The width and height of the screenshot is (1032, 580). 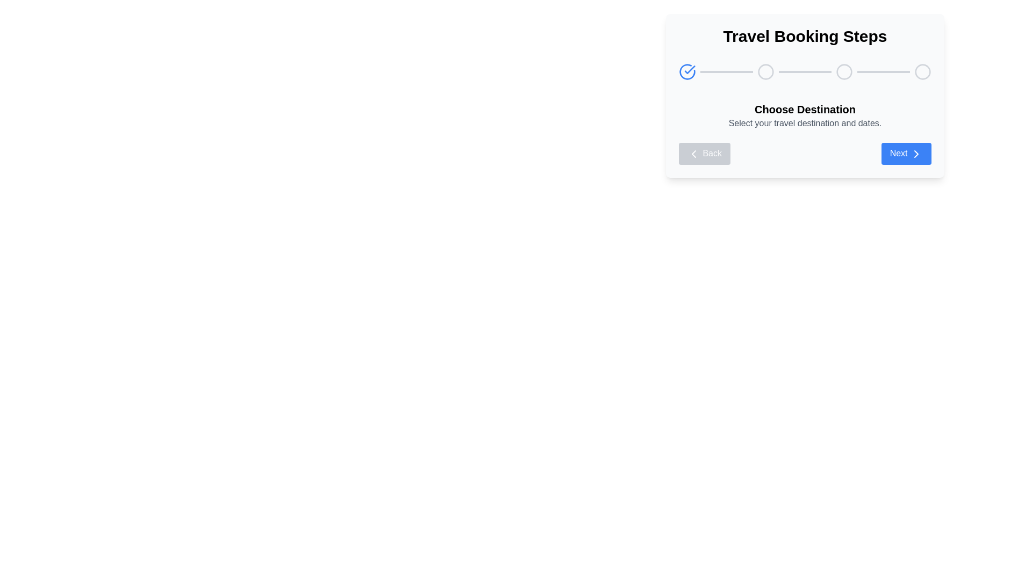 I want to click on the first progress bar segment in the 'Travel Booking Steps' user interface, which visually represents the progress state between the first and second steps, so click(x=727, y=72).